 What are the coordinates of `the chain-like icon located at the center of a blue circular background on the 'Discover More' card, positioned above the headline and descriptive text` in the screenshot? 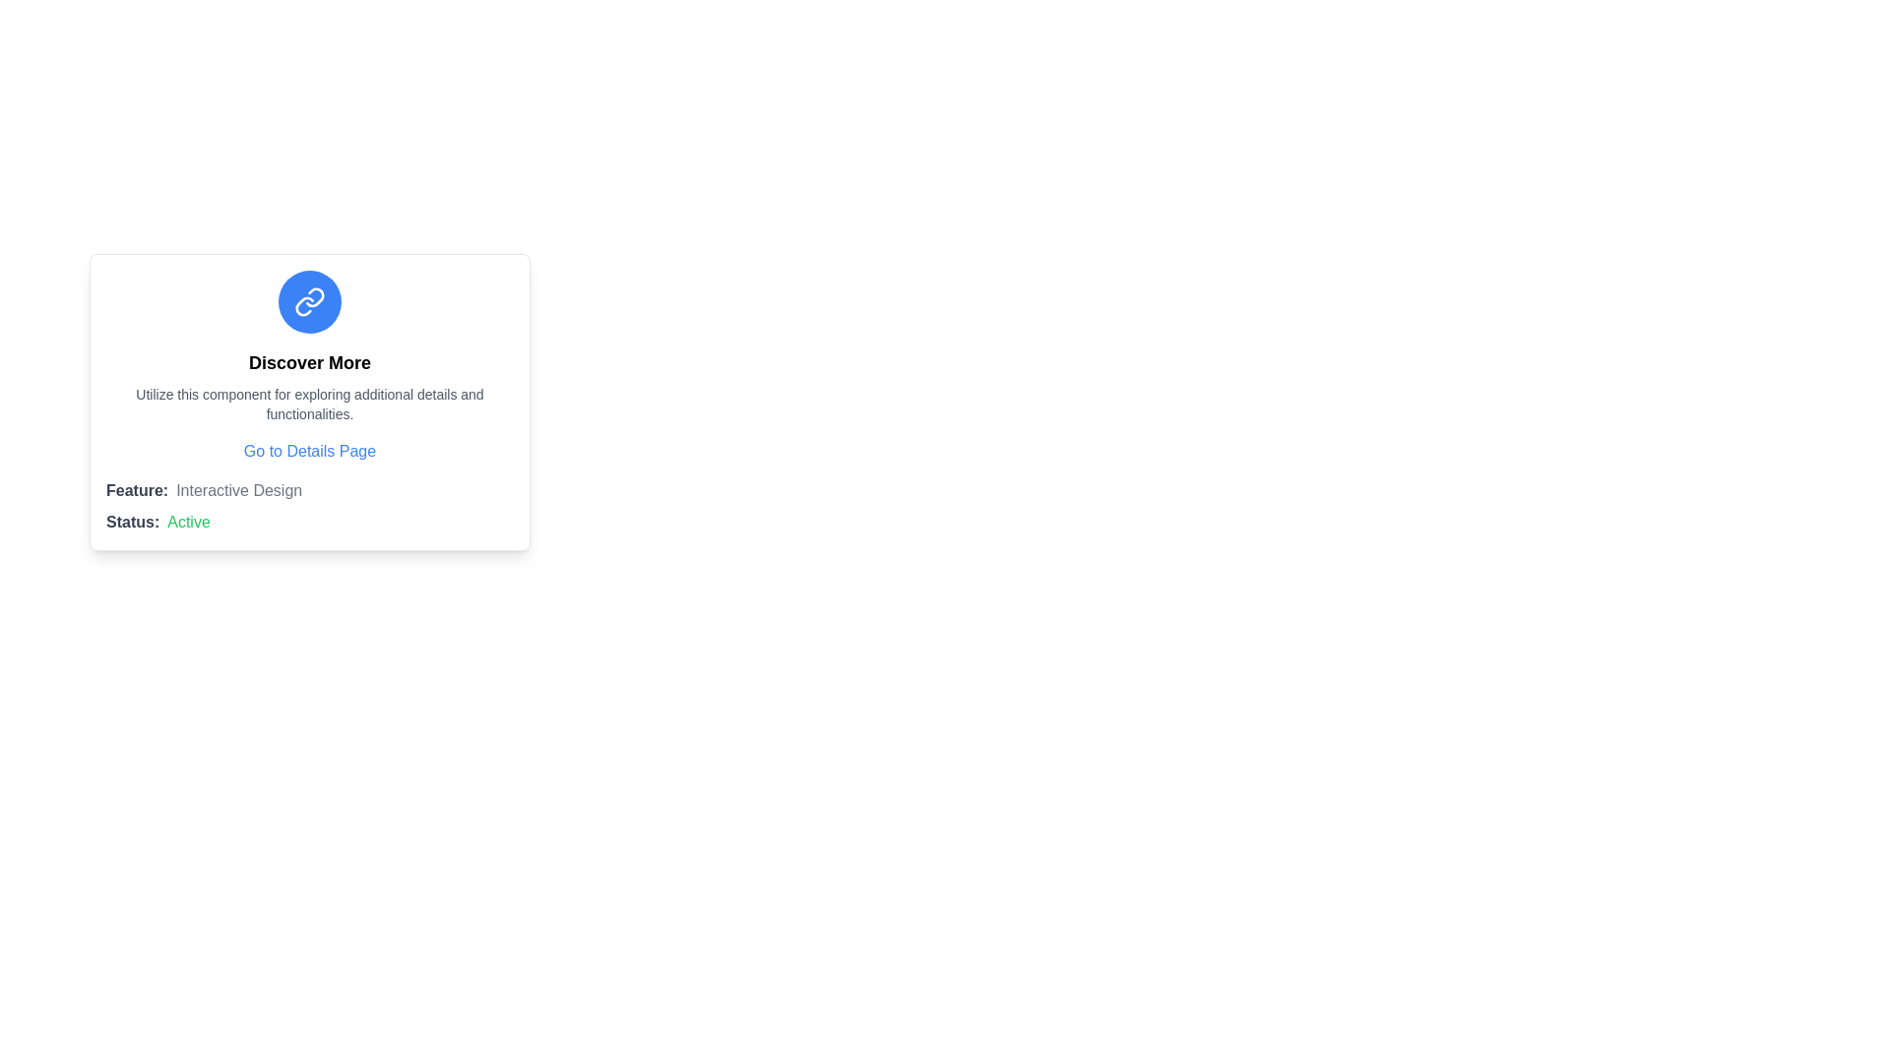 It's located at (309, 302).